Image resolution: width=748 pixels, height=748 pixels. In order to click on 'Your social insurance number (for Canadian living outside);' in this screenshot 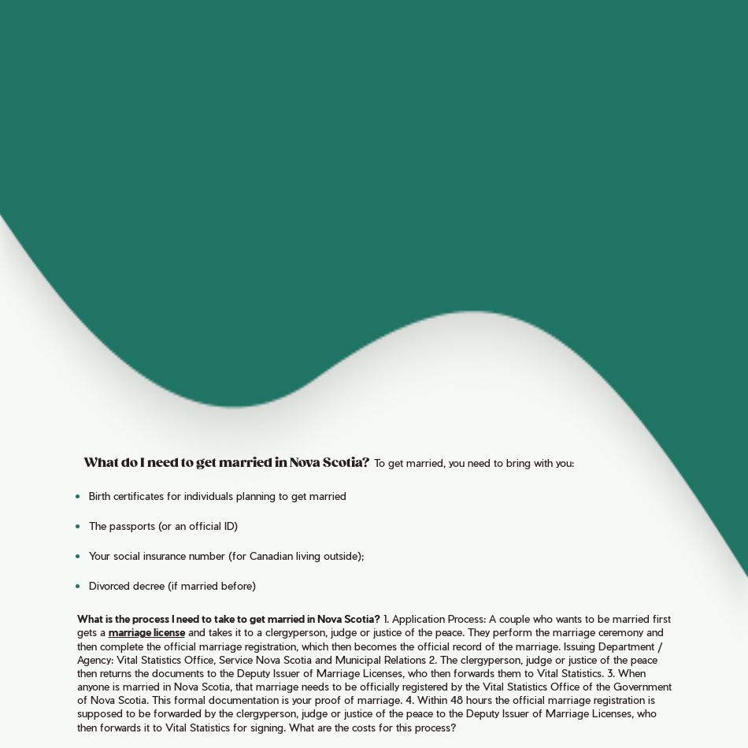, I will do `click(224, 555)`.